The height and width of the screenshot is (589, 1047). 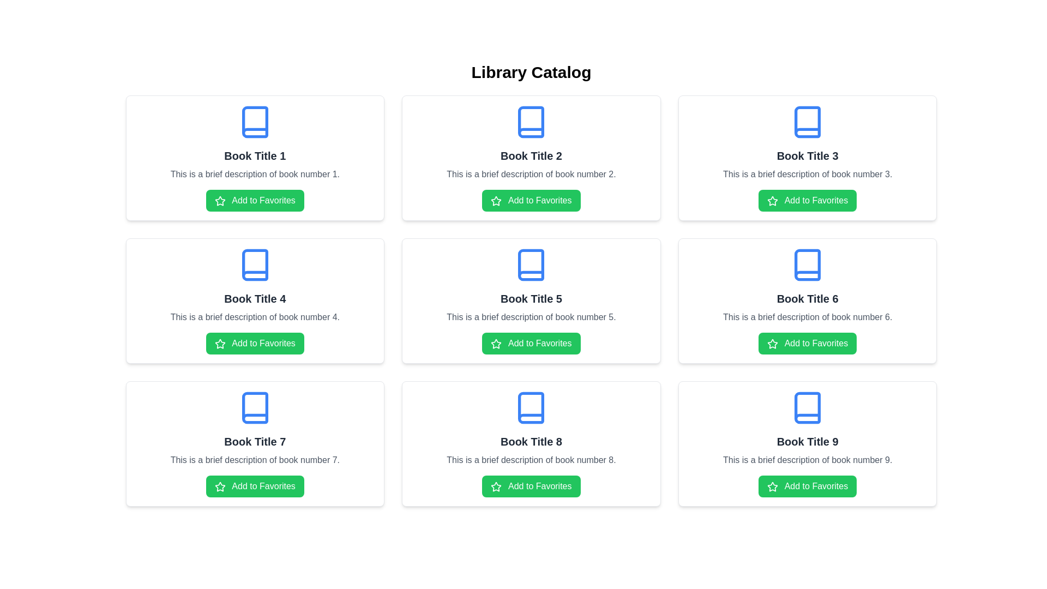 What do you see at coordinates (808, 174) in the screenshot?
I see `the description text of 'Book Title 3', which is the second text element in the card located in the top row of the grid` at bounding box center [808, 174].